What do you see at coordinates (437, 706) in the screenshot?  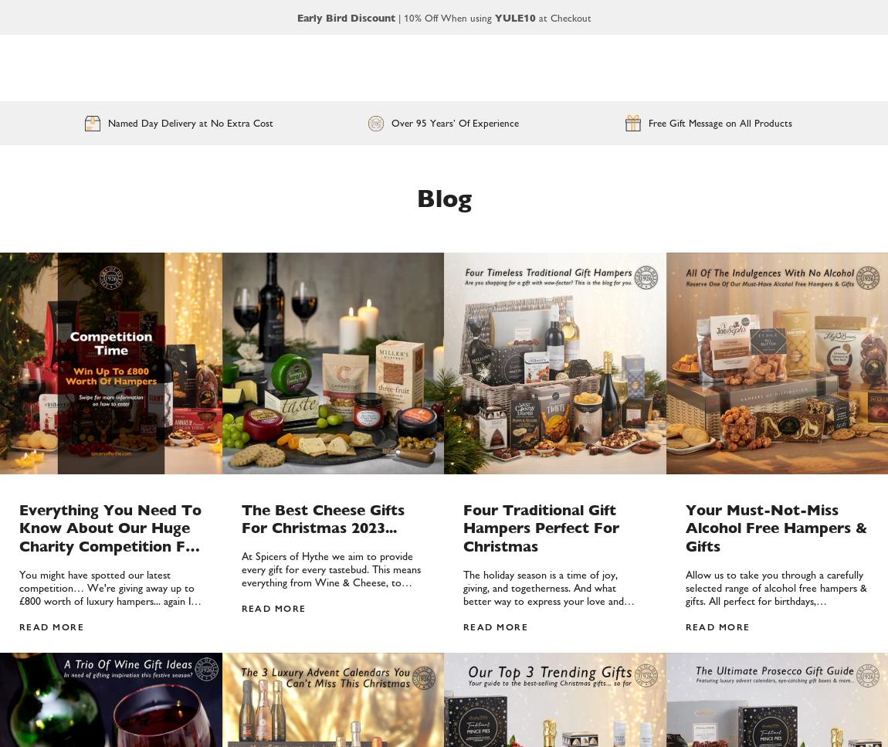 I see `'Reset'` at bounding box center [437, 706].